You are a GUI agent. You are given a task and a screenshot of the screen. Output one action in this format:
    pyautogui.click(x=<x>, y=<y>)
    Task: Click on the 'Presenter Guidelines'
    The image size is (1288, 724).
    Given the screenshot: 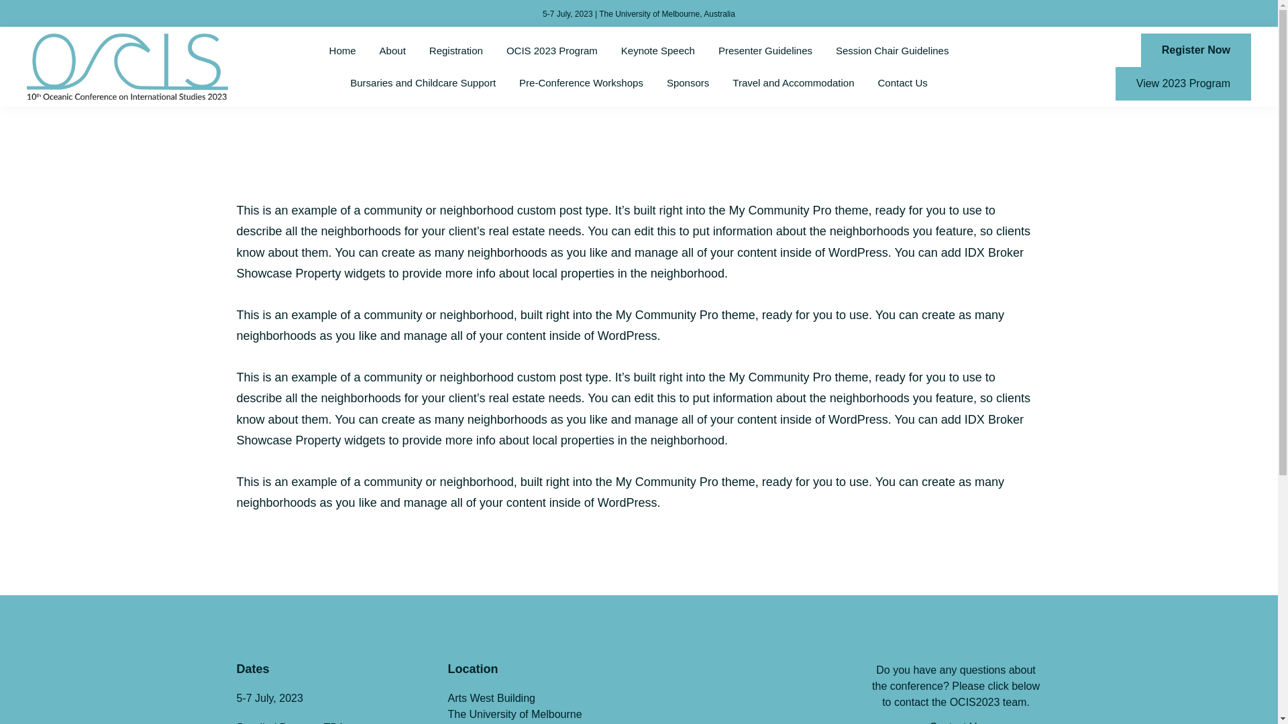 What is the action you would take?
    pyautogui.click(x=765, y=50)
    